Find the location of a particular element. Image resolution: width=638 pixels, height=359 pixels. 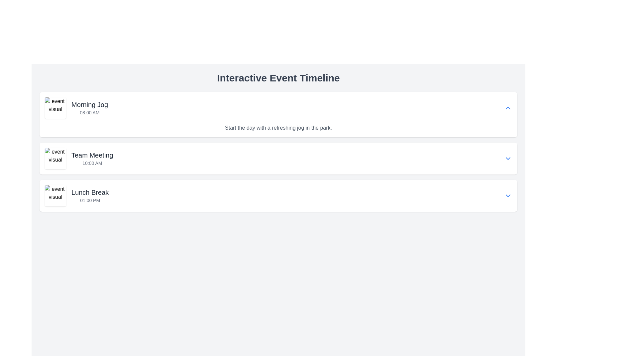

the title text label of the first event entry in the timeline list, which provides a short description of the scheduled activity and is positioned above the time indicator '08:00 AM.' is located at coordinates (89, 105).